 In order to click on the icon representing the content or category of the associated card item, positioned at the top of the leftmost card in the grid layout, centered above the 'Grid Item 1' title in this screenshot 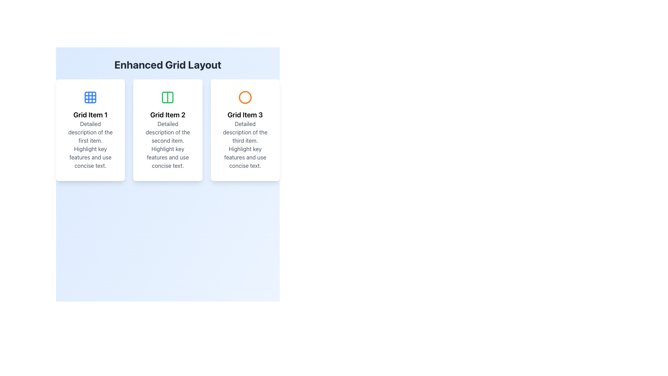, I will do `click(90, 97)`.